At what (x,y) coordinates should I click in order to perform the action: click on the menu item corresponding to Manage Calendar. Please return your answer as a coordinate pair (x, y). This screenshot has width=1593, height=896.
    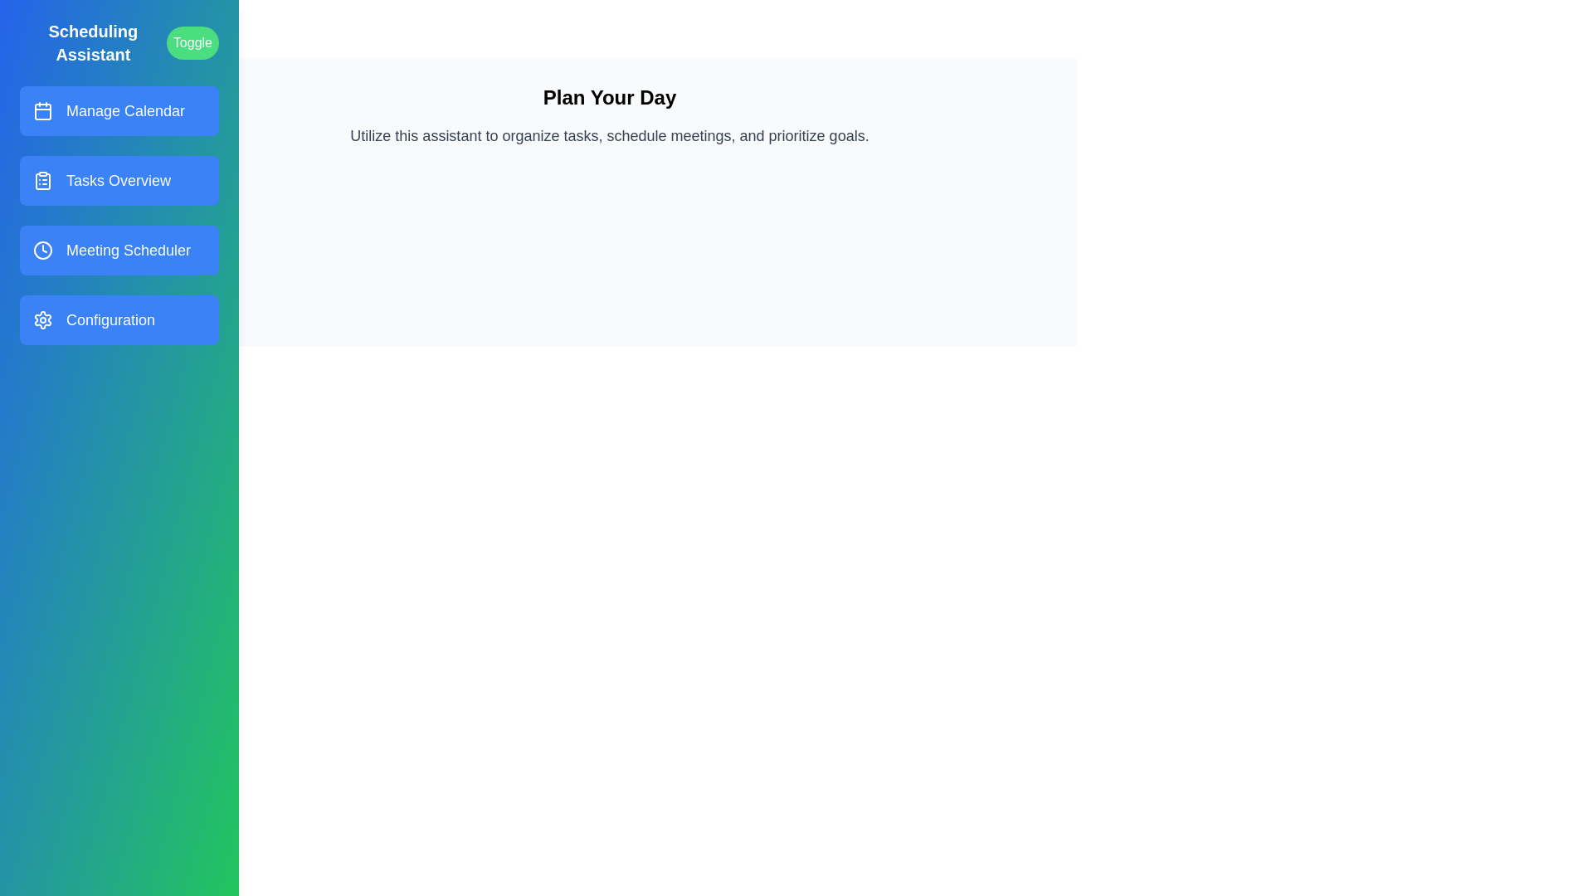
    Looking at the image, I should click on (119, 111).